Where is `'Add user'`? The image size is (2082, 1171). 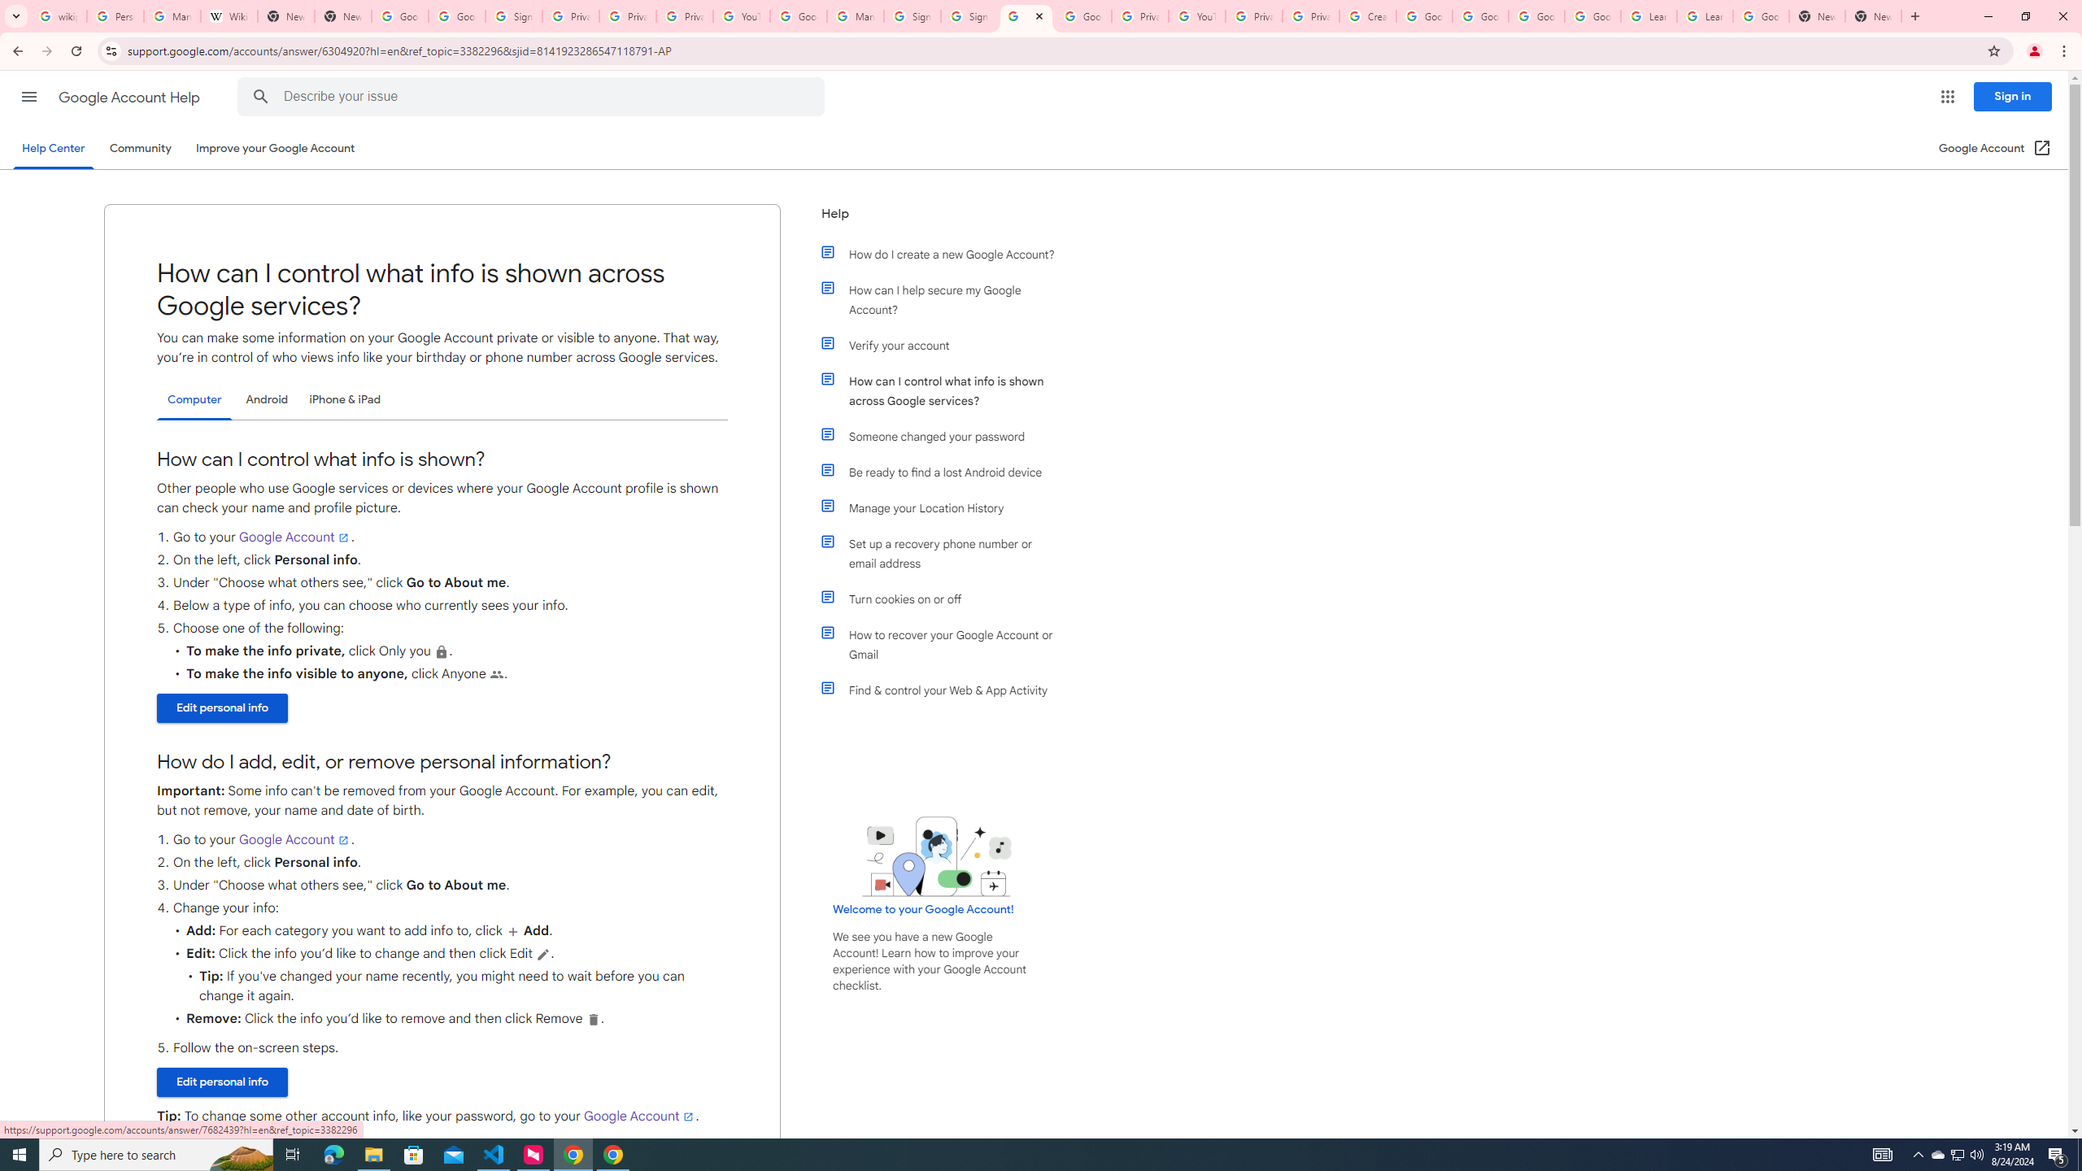
'Add user' is located at coordinates (513, 931).